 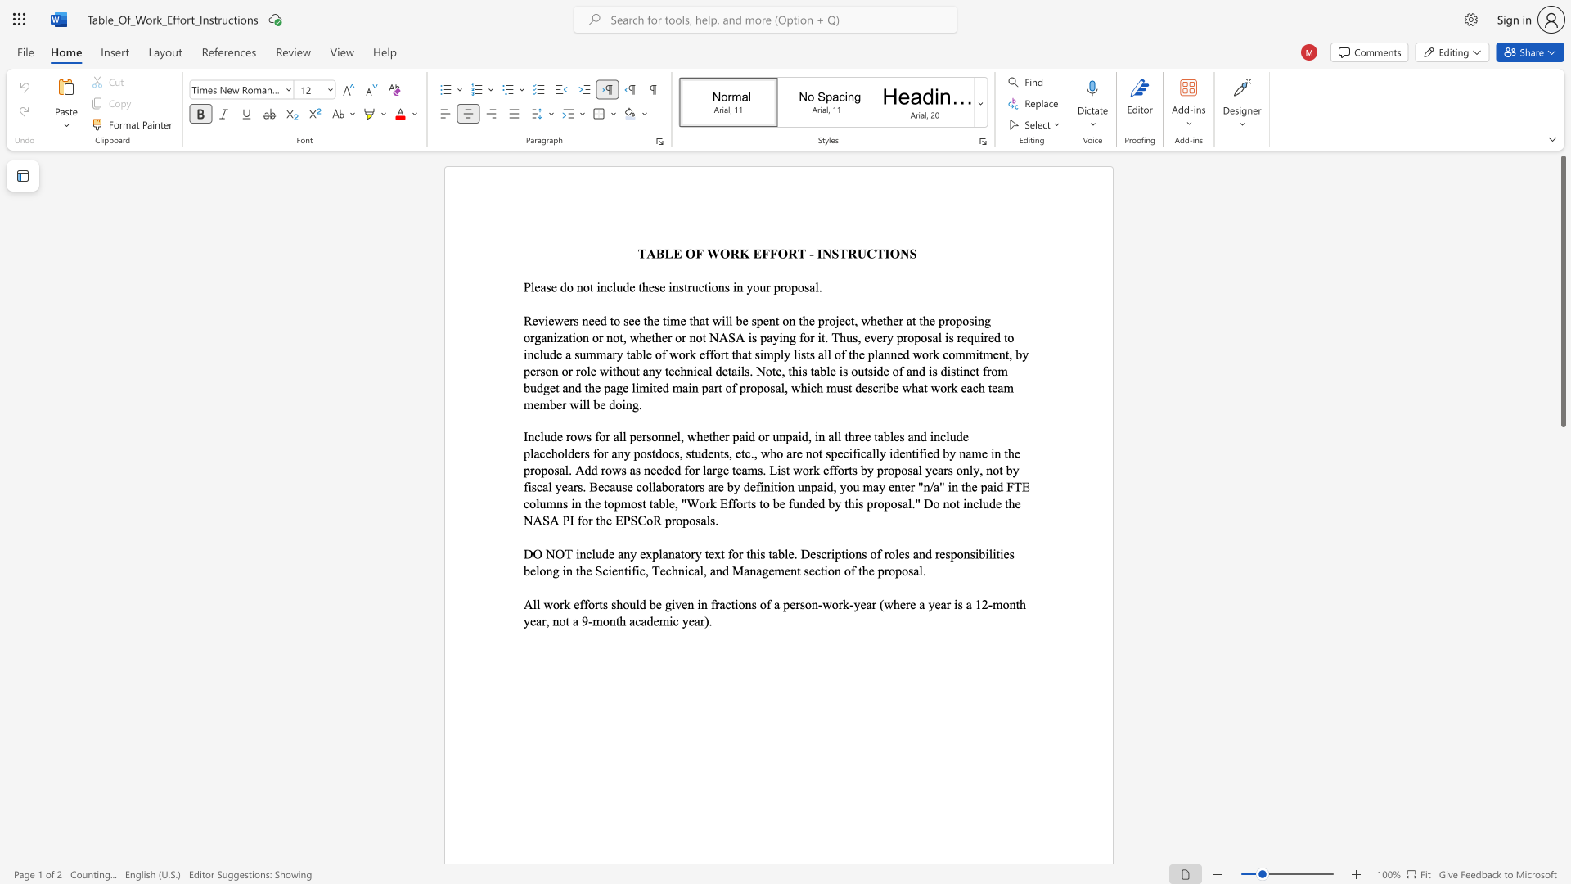 What do you see at coordinates (1562, 637) in the screenshot?
I see `the right-hand scrollbar to descend the page` at bounding box center [1562, 637].